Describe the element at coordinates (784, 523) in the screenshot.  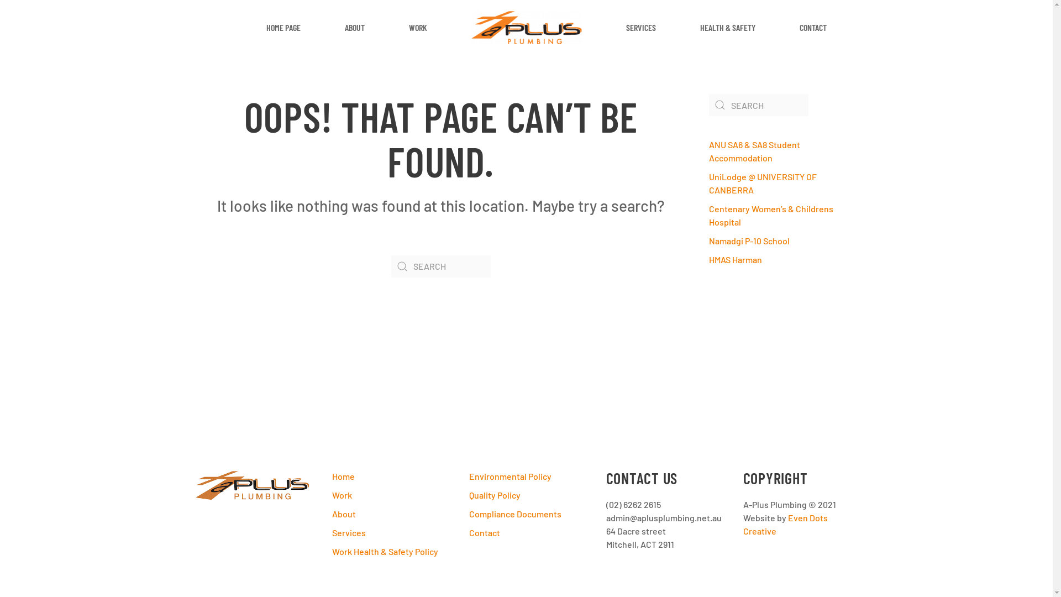
I see `'Even Dots Creative'` at that location.